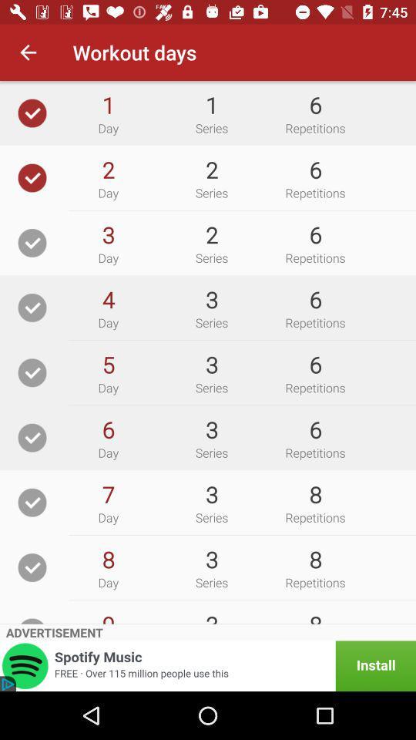 This screenshot has width=416, height=740. What do you see at coordinates (107, 493) in the screenshot?
I see `7` at bounding box center [107, 493].